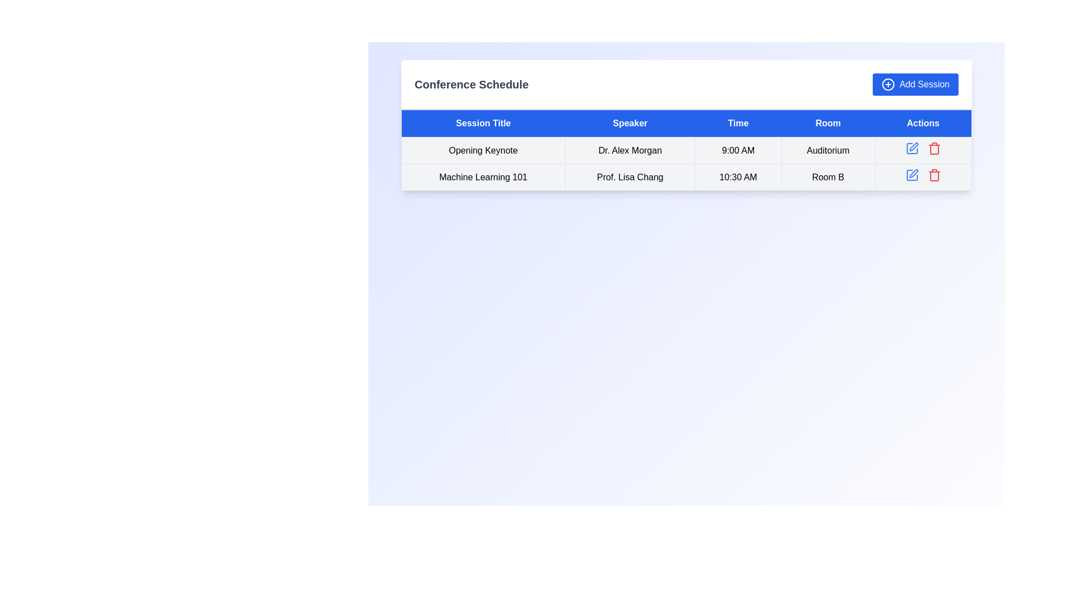 This screenshot has width=1070, height=601. What do you see at coordinates (934, 175) in the screenshot?
I see `the delete button located in the last column of the second row of the 'Conference Schedule' table to initiate a delete action` at bounding box center [934, 175].